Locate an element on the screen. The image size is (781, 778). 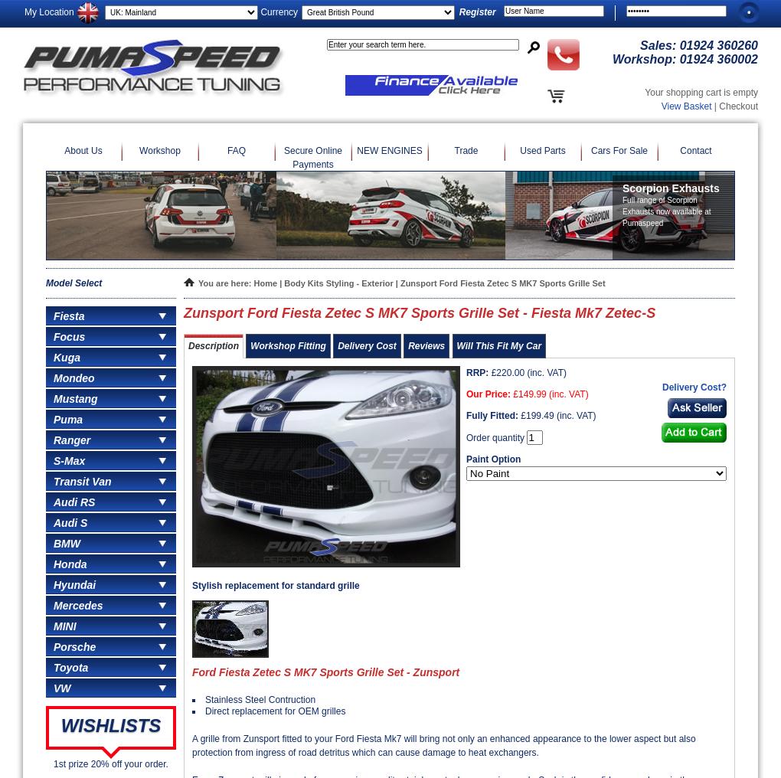
'Porsche' is located at coordinates (74, 647).